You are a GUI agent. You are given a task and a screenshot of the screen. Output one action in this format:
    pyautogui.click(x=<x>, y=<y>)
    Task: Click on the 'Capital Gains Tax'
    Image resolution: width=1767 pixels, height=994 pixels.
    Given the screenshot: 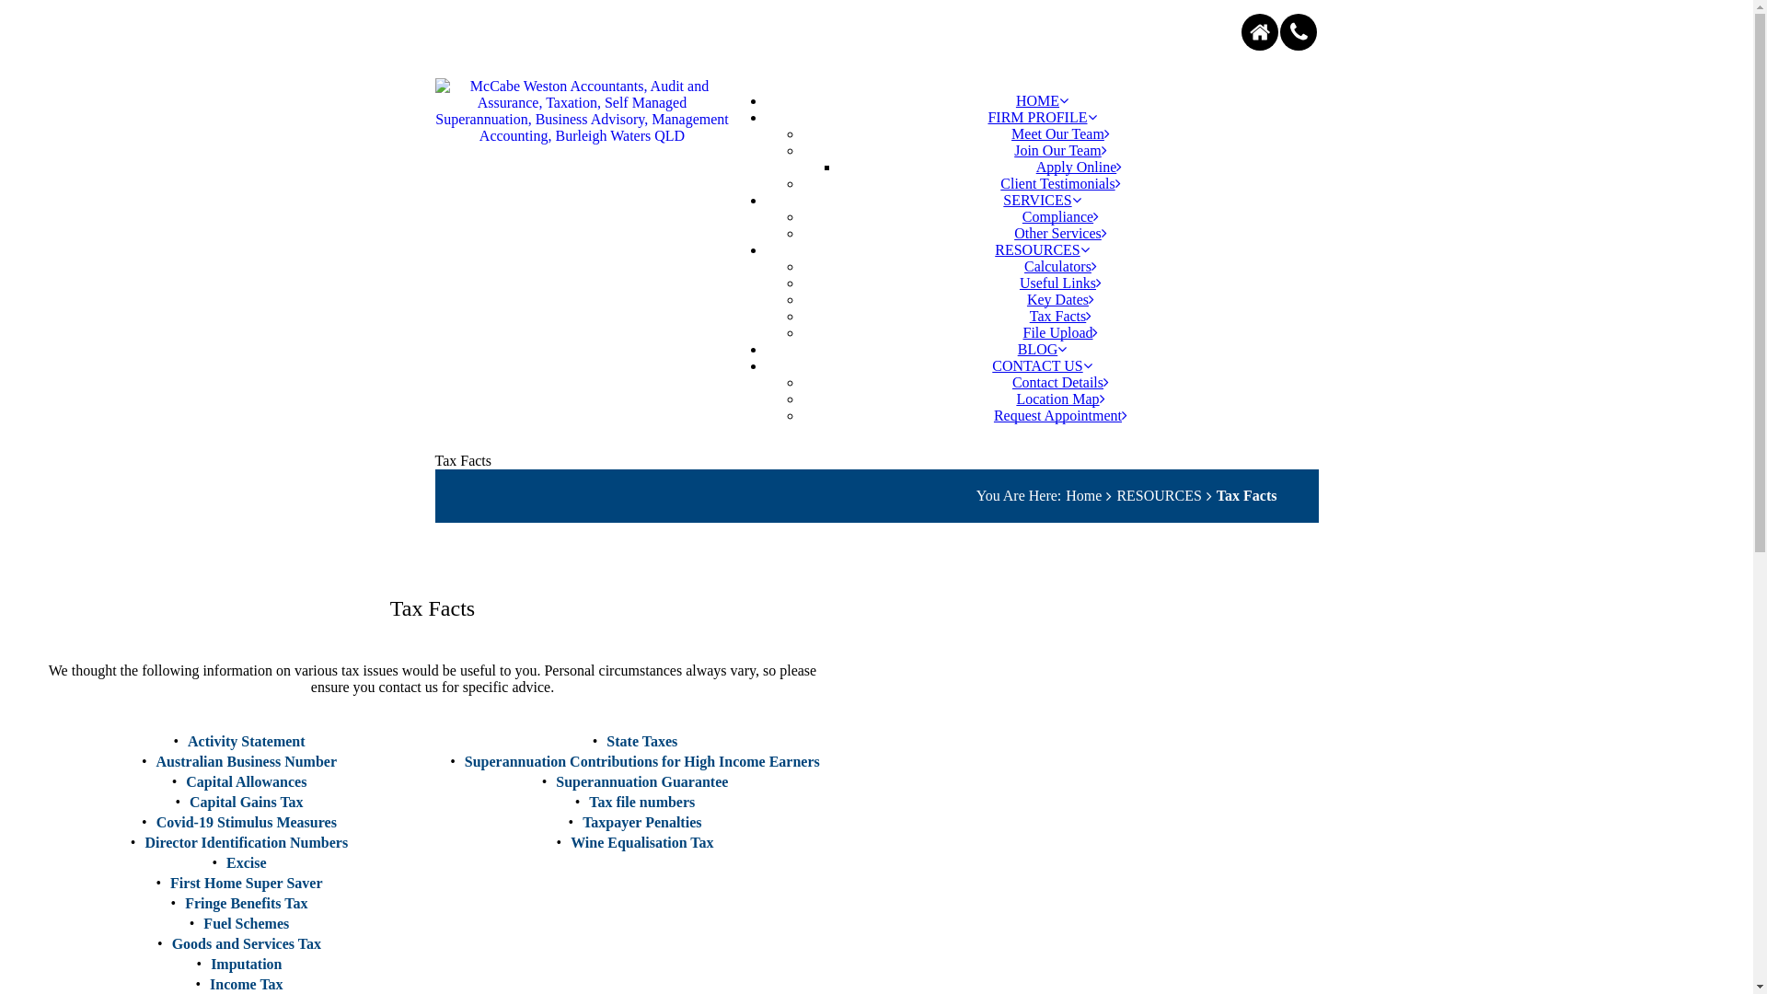 What is the action you would take?
    pyautogui.click(x=246, y=801)
    